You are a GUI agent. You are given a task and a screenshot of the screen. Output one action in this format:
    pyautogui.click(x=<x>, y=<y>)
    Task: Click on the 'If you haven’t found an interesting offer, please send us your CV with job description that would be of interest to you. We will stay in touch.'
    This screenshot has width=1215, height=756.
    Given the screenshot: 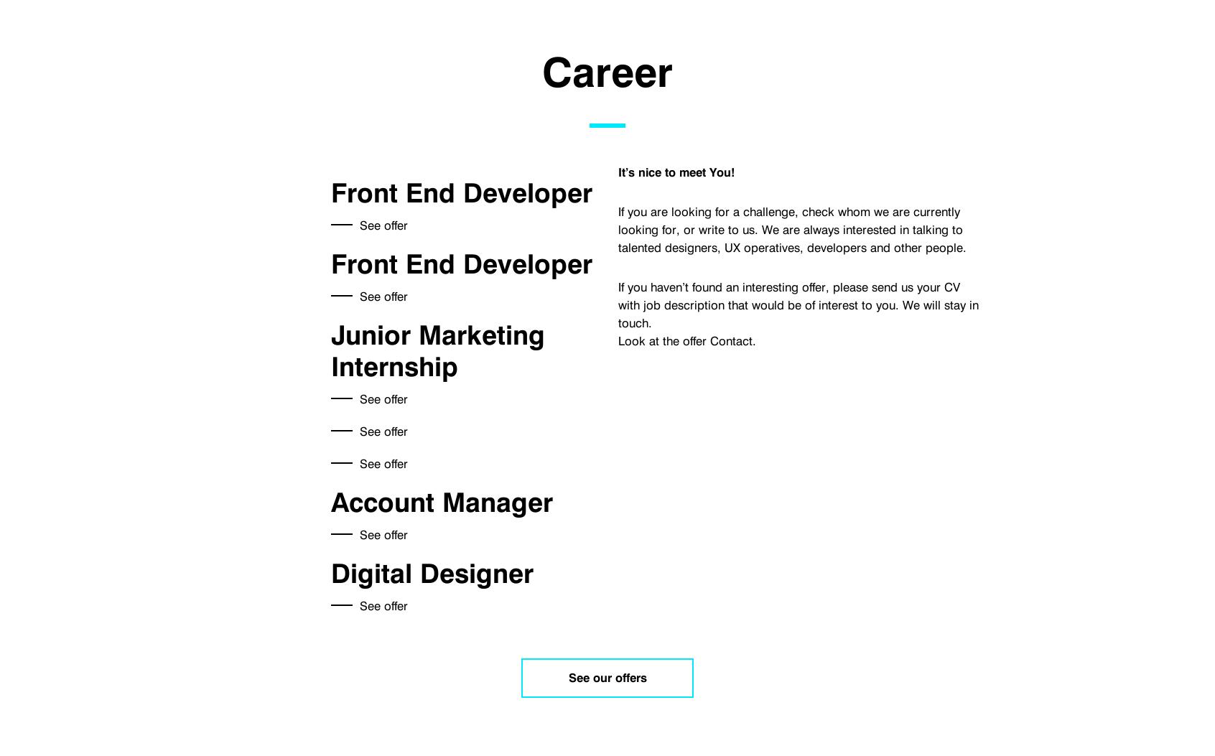 What is the action you would take?
    pyautogui.click(x=798, y=304)
    